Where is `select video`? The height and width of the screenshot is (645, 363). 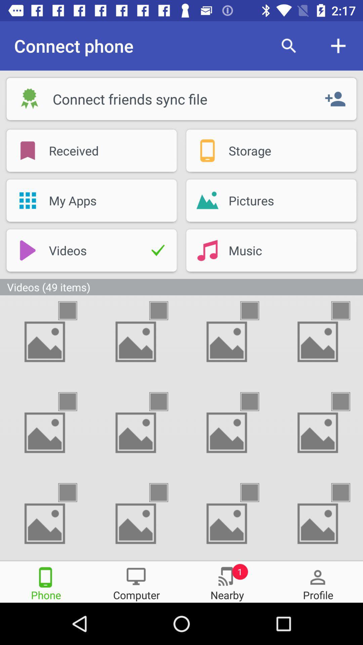 select video is located at coordinates (165, 492).